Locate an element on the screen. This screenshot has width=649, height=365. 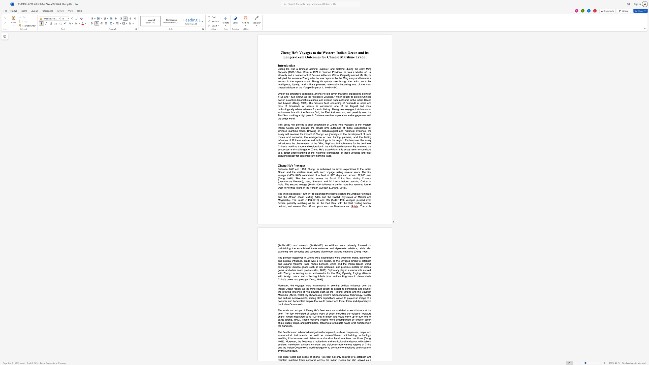
the subset text "he sixth" within the text ". The sixth" is located at coordinates (362, 206).